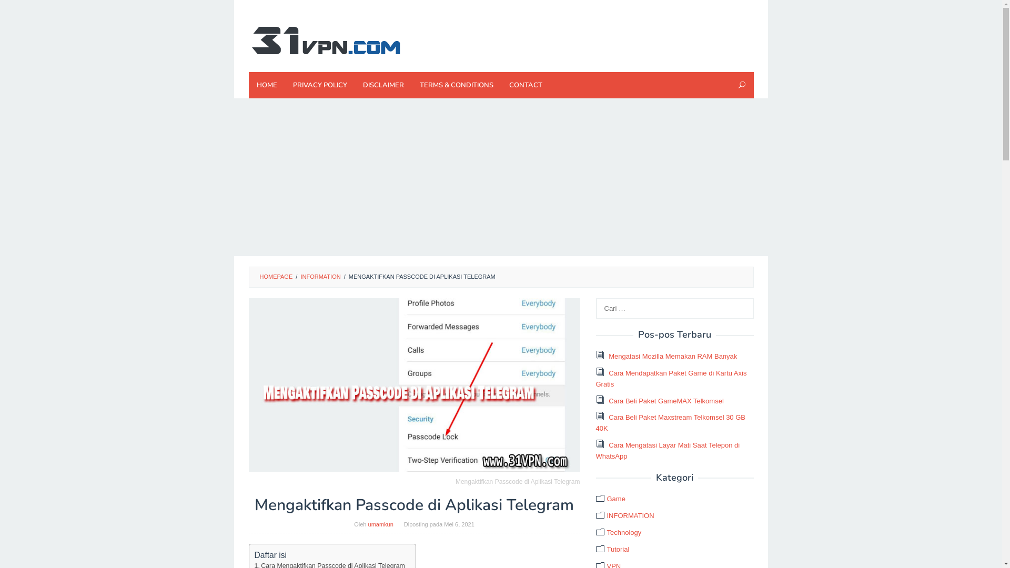 The image size is (1010, 568). I want to click on 'CONTACT', so click(500, 85).